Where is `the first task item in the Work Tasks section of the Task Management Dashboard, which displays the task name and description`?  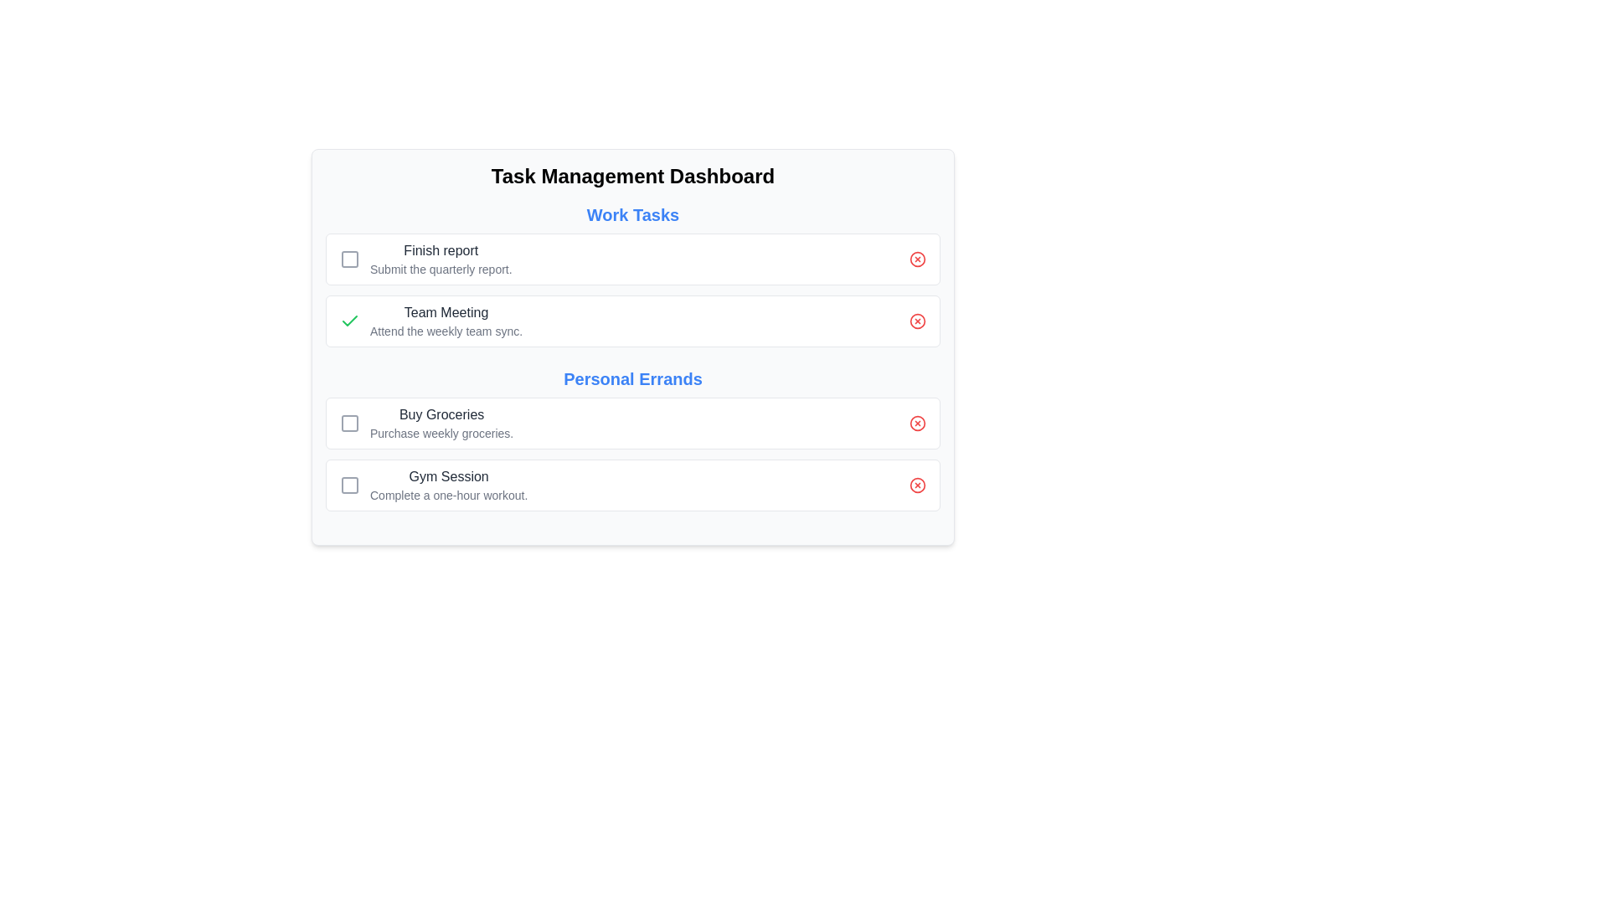
the first task item in the Work Tasks section of the Task Management Dashboard, which displays the task name and description is located at coordinates (441, 259).